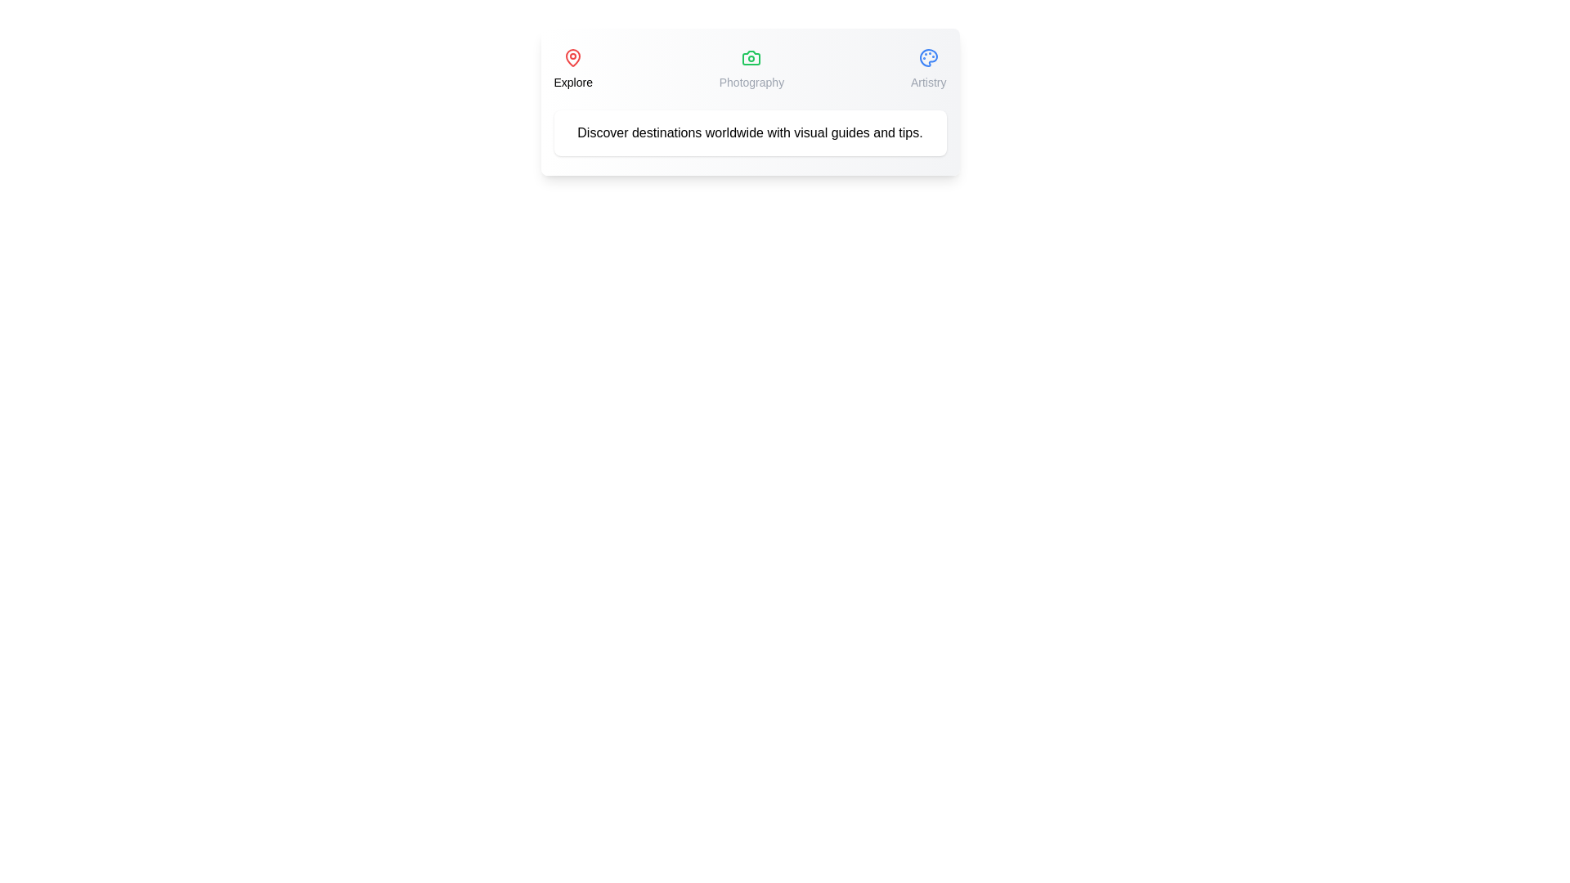 The image size is (1570, 883). Describe the element at coordinates (928, 68) in the screenshot. I see `the tab labeled Artistry to trigger its hover interaction` at that location.